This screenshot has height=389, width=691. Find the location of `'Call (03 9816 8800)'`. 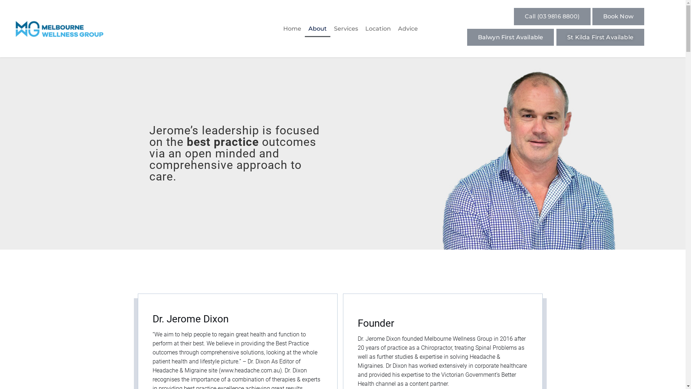

'Call (03 9816 8800)' is located at coordinates (552, 16).